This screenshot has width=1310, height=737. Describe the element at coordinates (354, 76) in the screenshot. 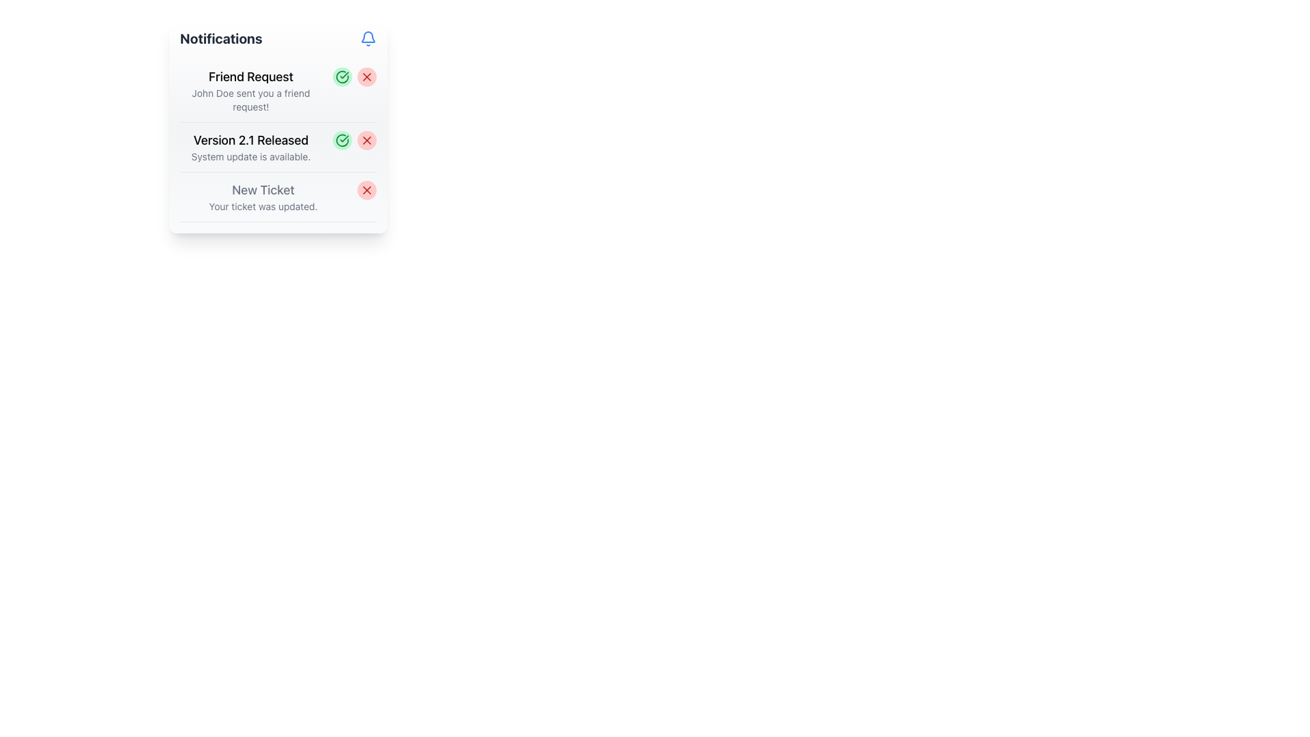

I see `the green button with a checkmark icon to accept the friend request, which is located to the right of the 'Friend Request' text in the notifications list` at that location.